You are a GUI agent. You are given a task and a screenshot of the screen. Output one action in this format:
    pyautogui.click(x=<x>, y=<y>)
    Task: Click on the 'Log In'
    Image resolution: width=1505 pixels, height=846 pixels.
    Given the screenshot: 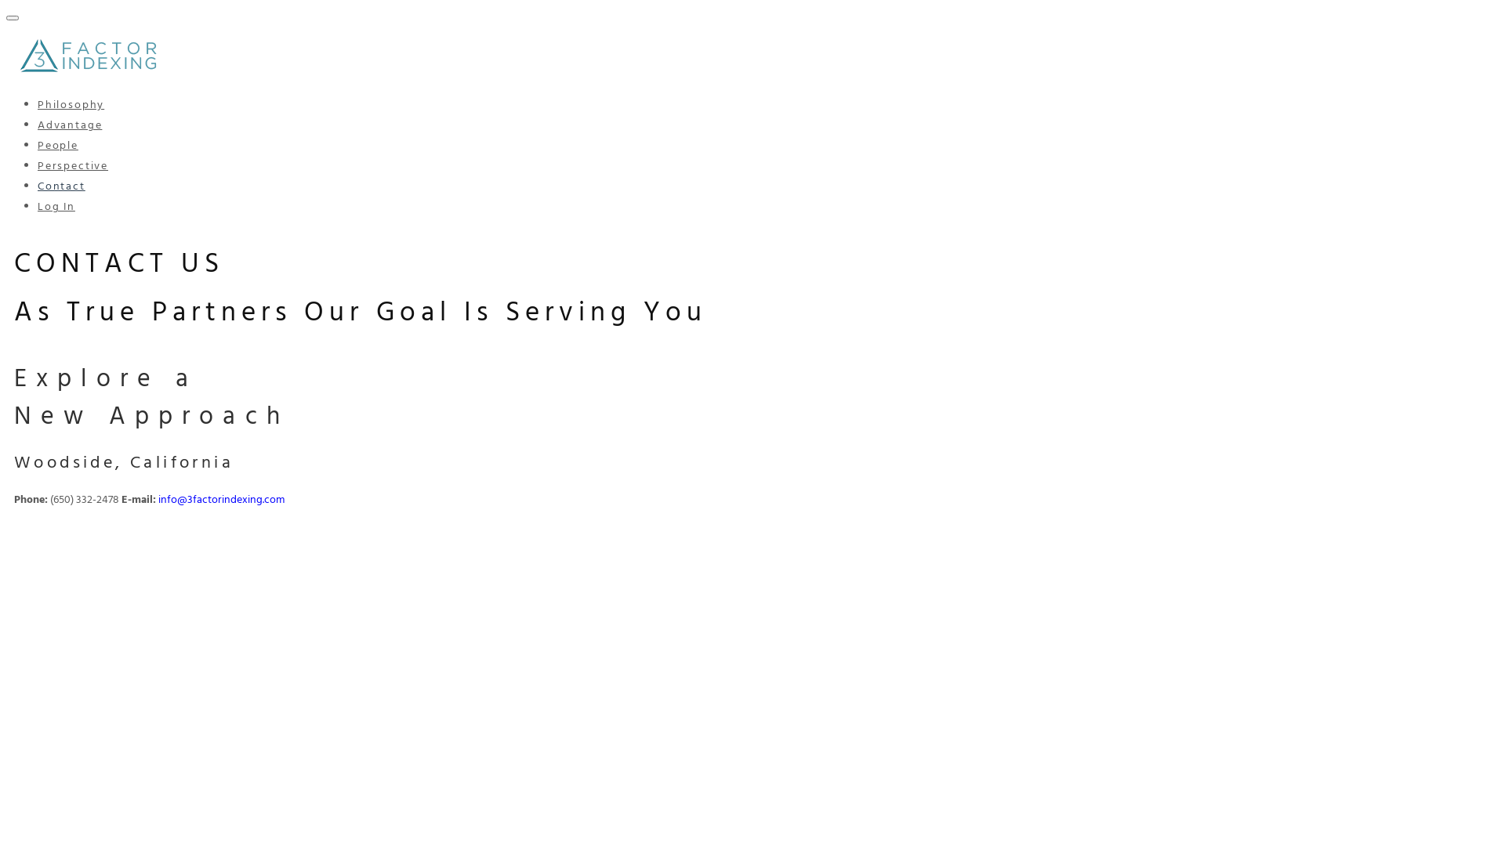 What is the action you would take?
    pyautogui.click(x=56, y=206)
    